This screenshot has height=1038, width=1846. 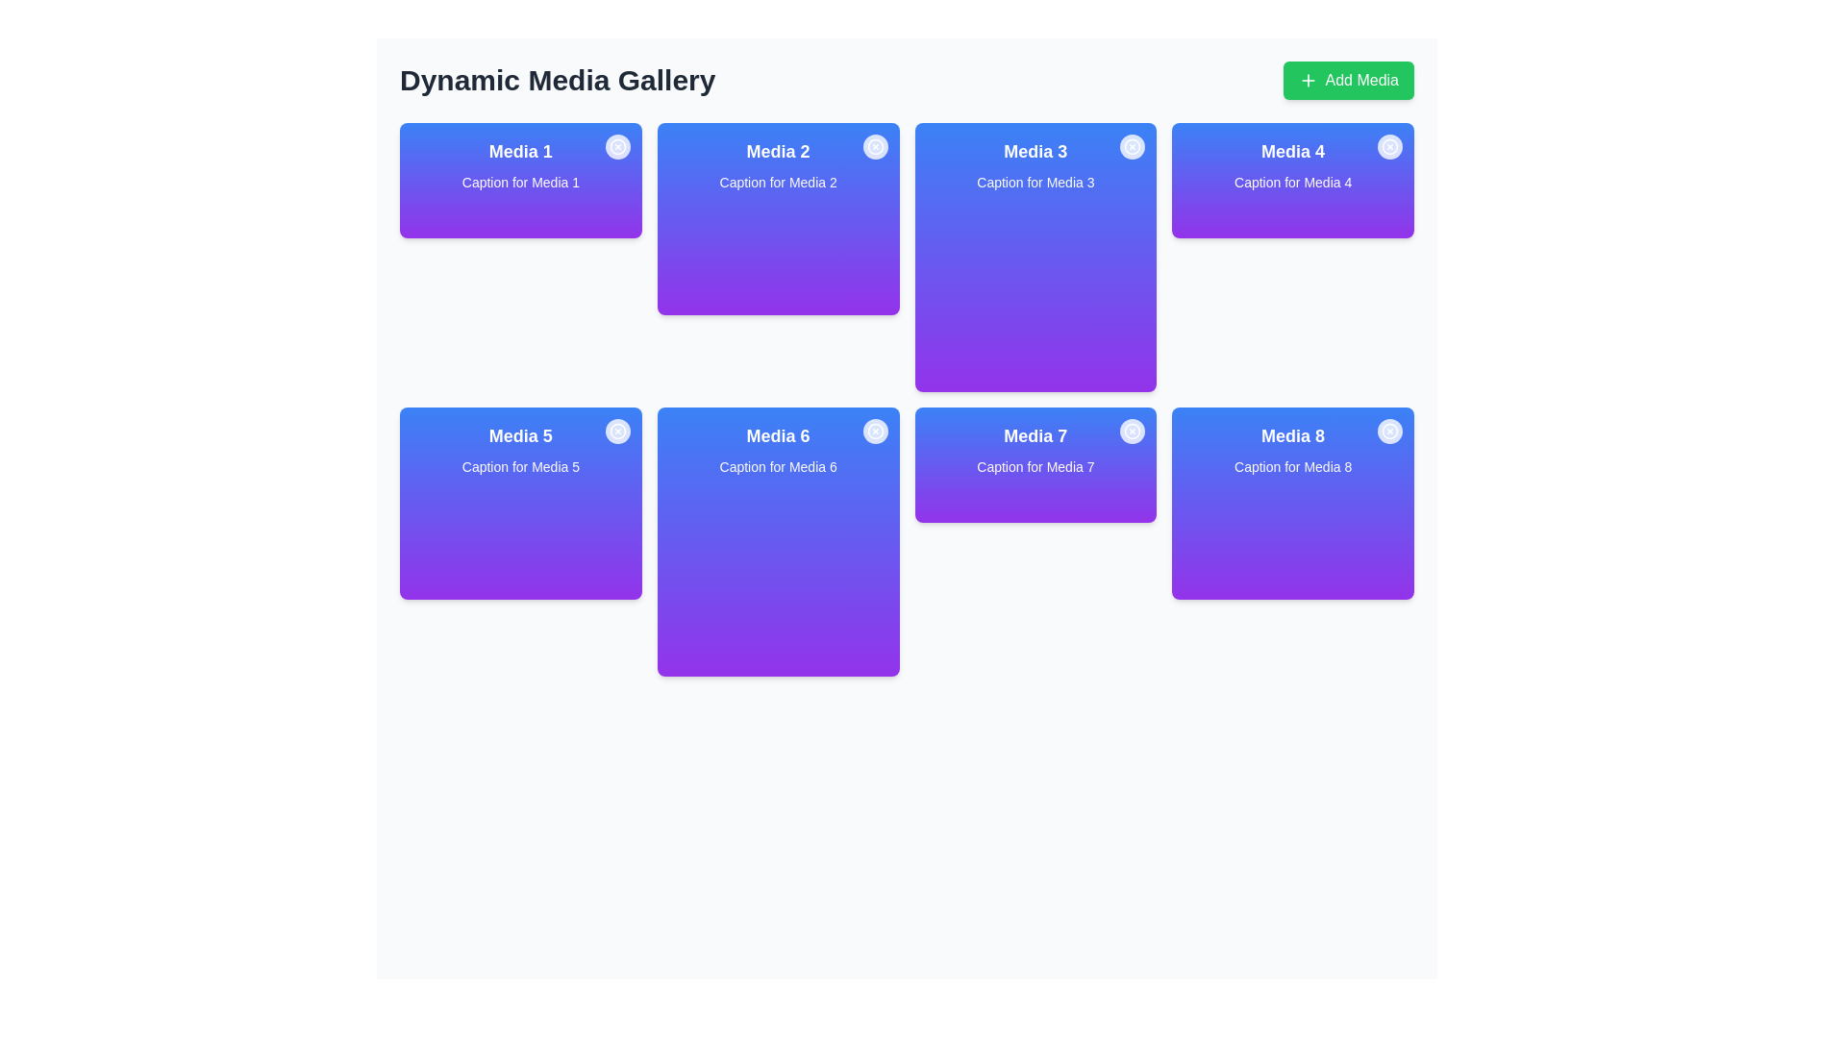 What do you see at coordinates (874, 430) in the screenshot?
I see `the small round Icon button with a white background and a red 'X' icon located in the upper-right corner of the 'Media 6' card` at bounding box center [874, 430].